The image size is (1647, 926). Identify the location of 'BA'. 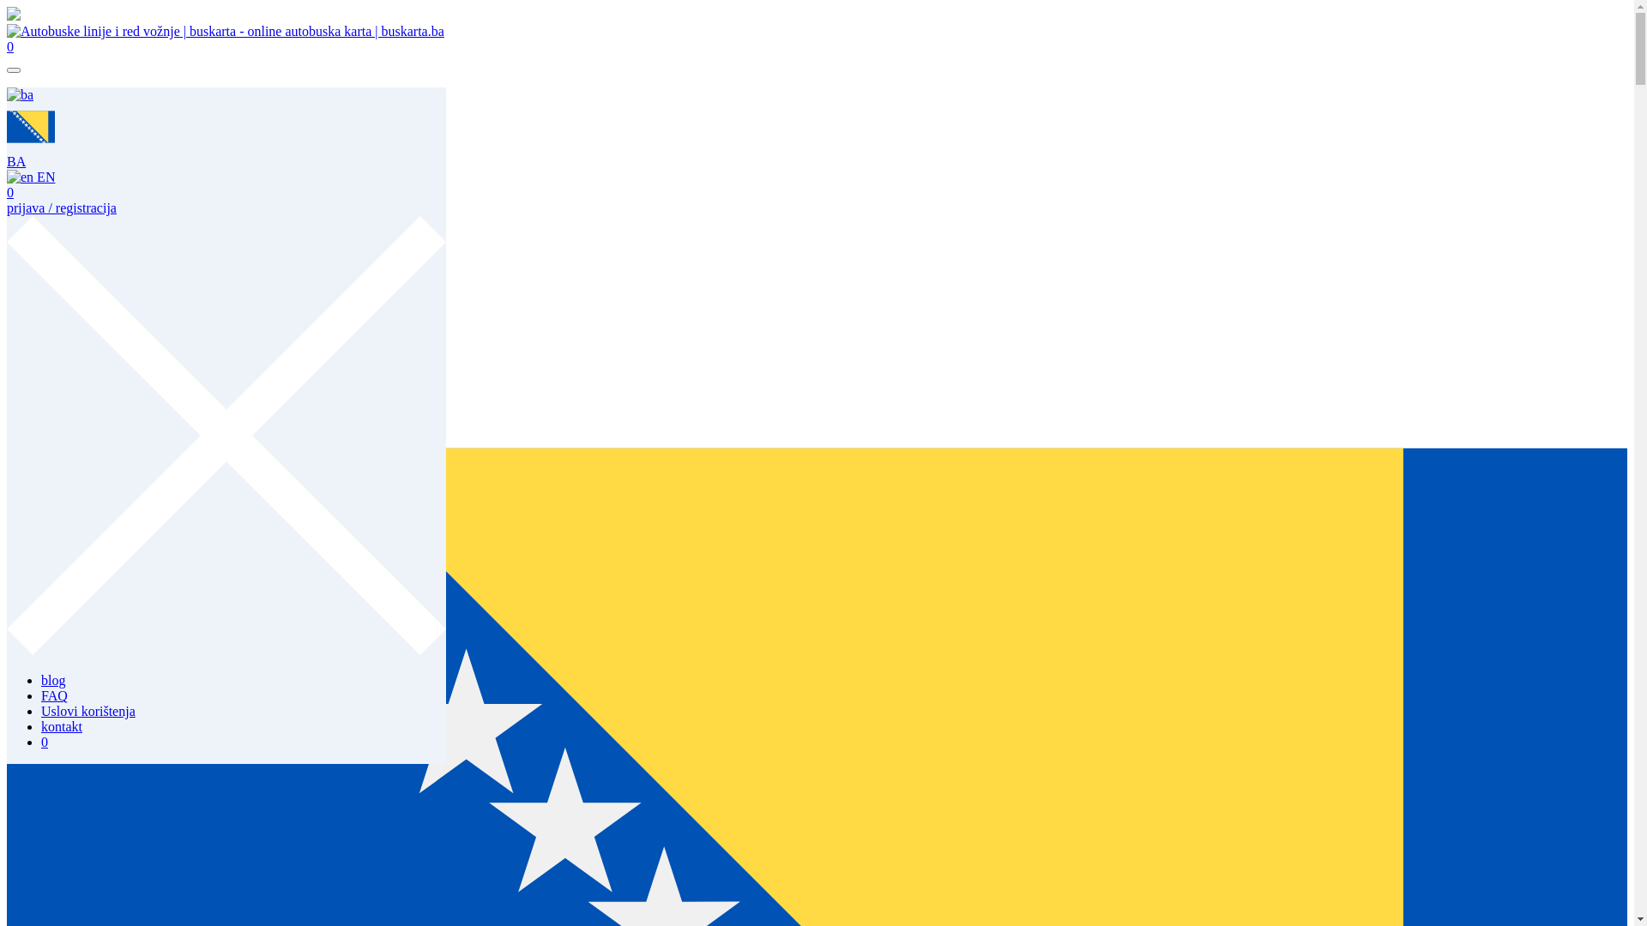
(30, 153).